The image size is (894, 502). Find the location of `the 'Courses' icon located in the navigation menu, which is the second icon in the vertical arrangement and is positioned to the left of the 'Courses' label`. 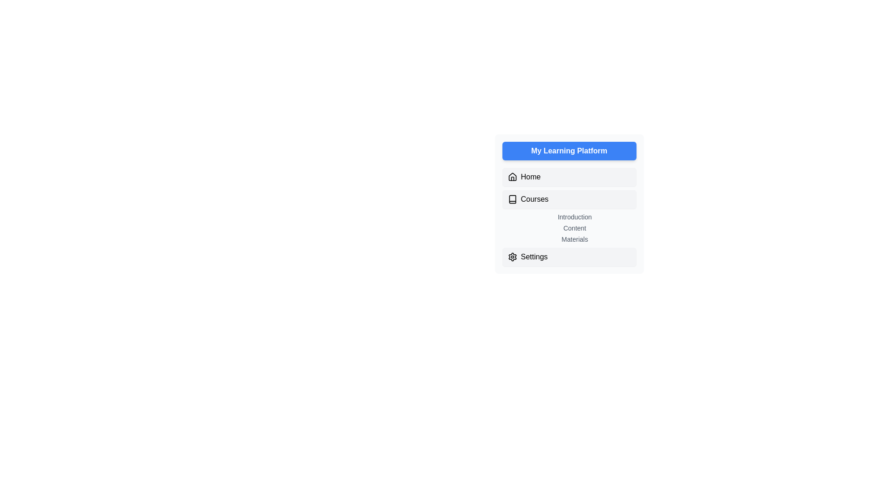

the 'Courses' icon located in the navigation menu, which is the second icon in the vertical arrangement and is positioned to the left of the 'Courses' label is located at coordinates (512, 198).